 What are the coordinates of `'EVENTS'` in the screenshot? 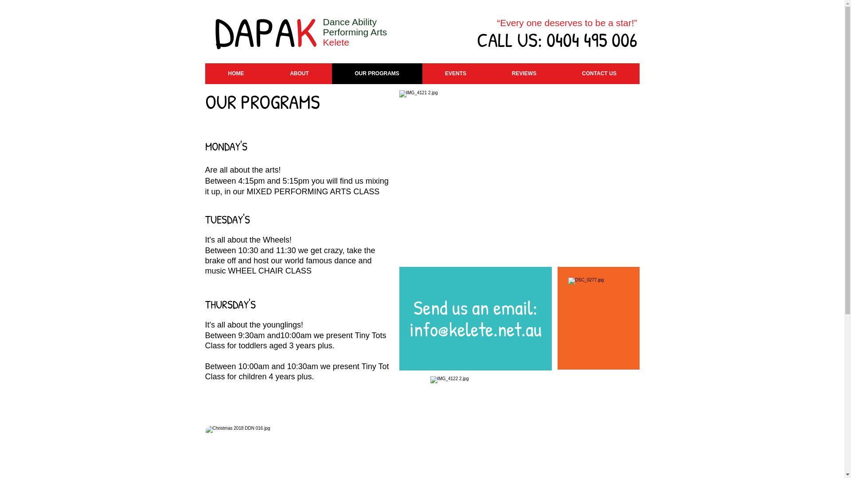 It's located at (455, 73).